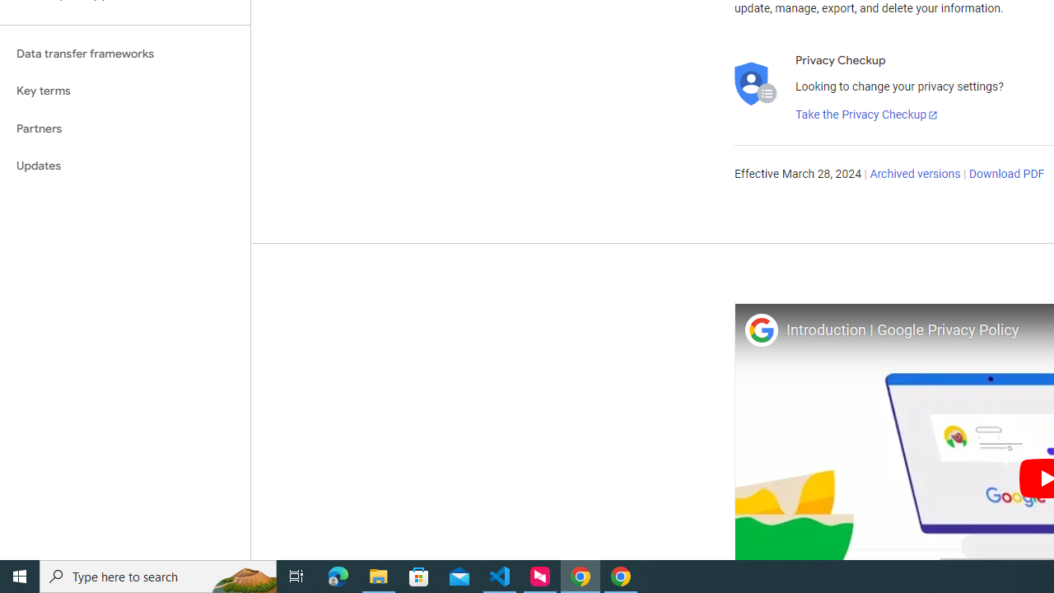 Image resolution: width=1054 pixels, height=593 pixels. What do you see at coordinates (866, 114) in the screenshot?
I see `'Take the Privacy Checkup'` at bounding box center [866, 114].